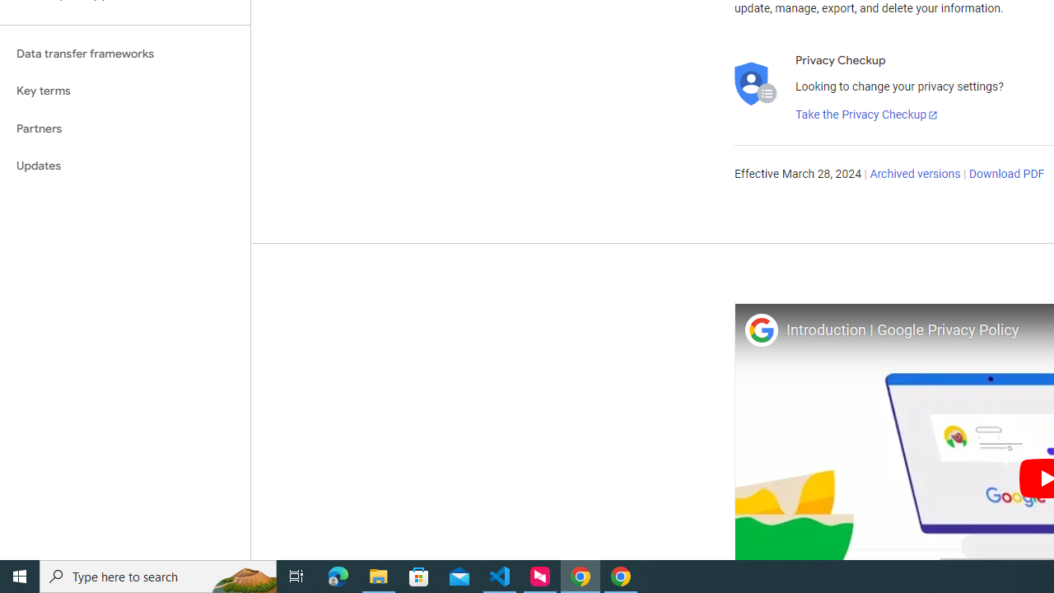 Image resolution: width=1054 pixels, height=593 pixels. What do you see at coordinates (866, 114) in the screenshot?
I see `'Take the Privacy Checkup'` at bounding box center [866, 114].